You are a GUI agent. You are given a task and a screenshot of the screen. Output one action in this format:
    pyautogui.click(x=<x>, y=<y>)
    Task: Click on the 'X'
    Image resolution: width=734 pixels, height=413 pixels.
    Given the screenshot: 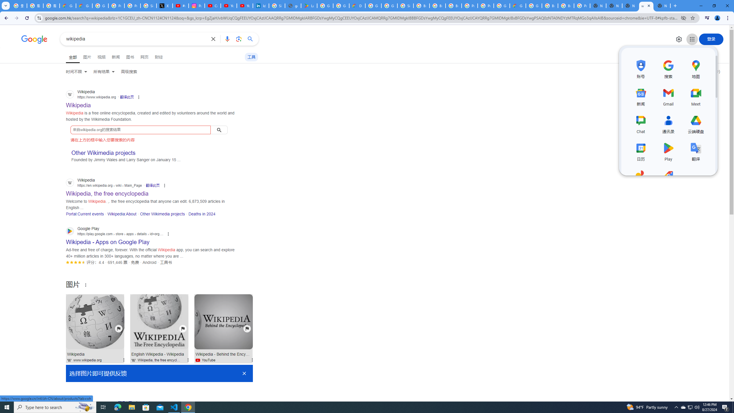 What is the action you would take?
    pyautogui.click(x=165, y=5)
    